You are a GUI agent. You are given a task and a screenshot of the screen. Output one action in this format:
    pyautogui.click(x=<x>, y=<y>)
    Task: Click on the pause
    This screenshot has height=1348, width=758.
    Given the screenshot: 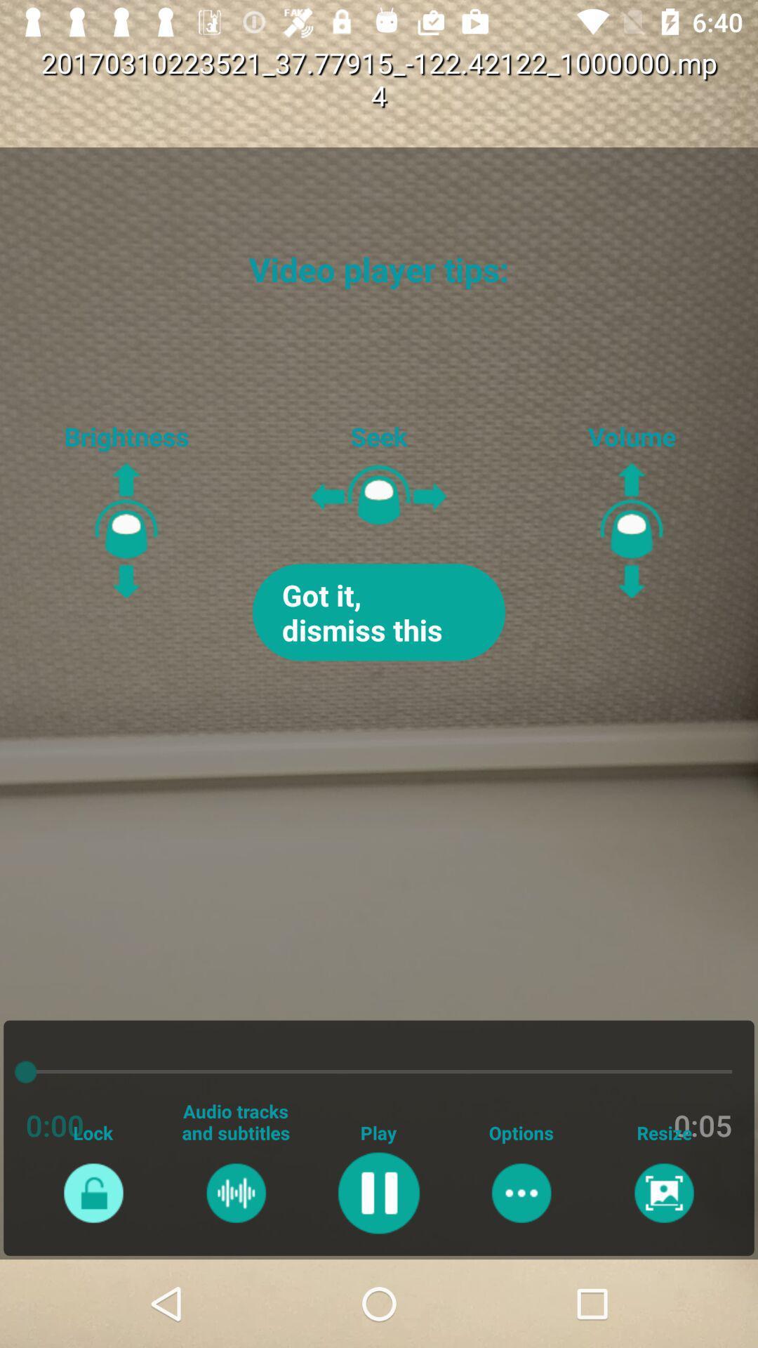 What is the action you would take?
    pyautogui.click(x=378, y=1192)
    